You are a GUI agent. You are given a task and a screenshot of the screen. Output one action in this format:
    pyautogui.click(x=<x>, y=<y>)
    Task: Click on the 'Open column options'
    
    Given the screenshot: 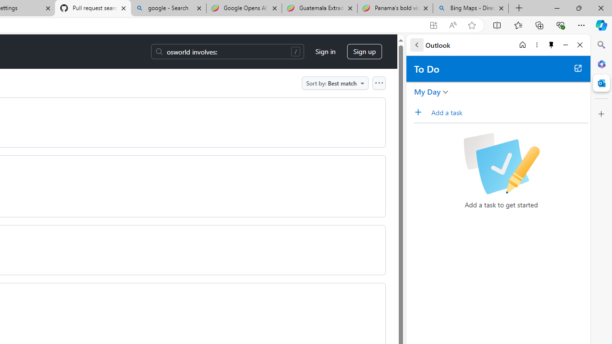 What is the action you would take?
    pyautogui.click(x=378, y=82)
    